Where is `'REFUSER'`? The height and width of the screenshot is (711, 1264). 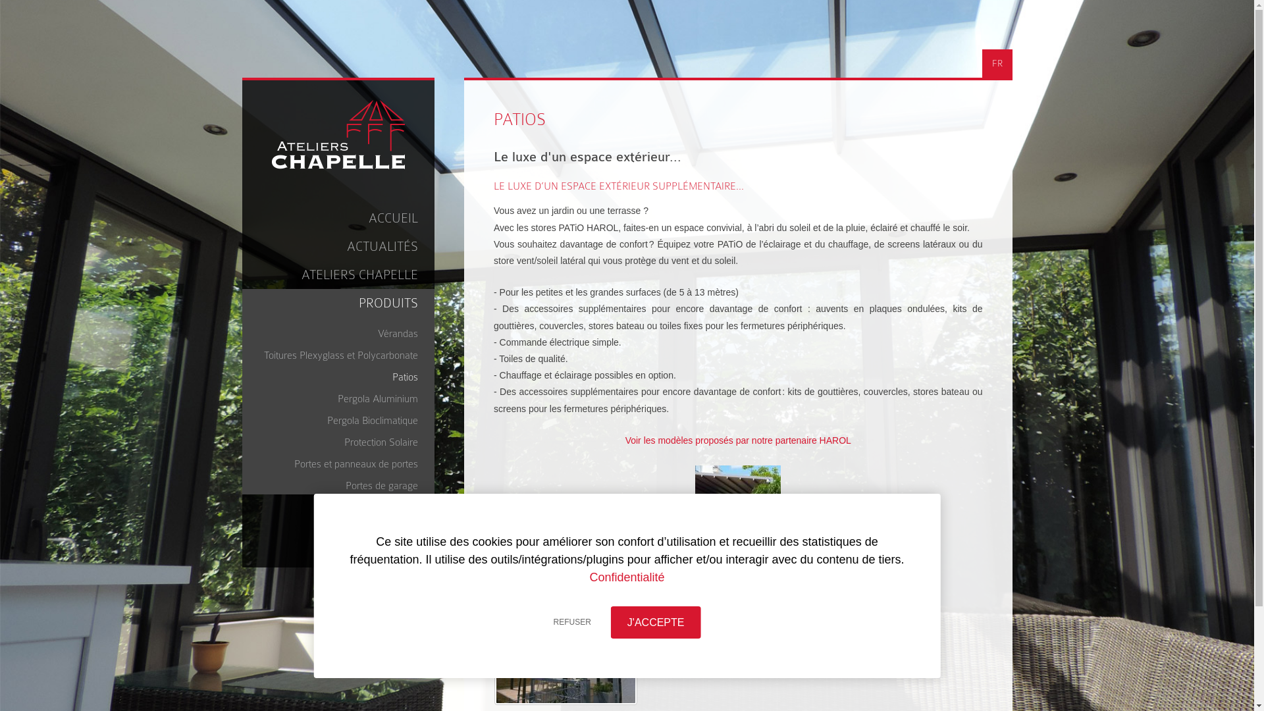
'REFUSER' is located at coordinates (572, 622).